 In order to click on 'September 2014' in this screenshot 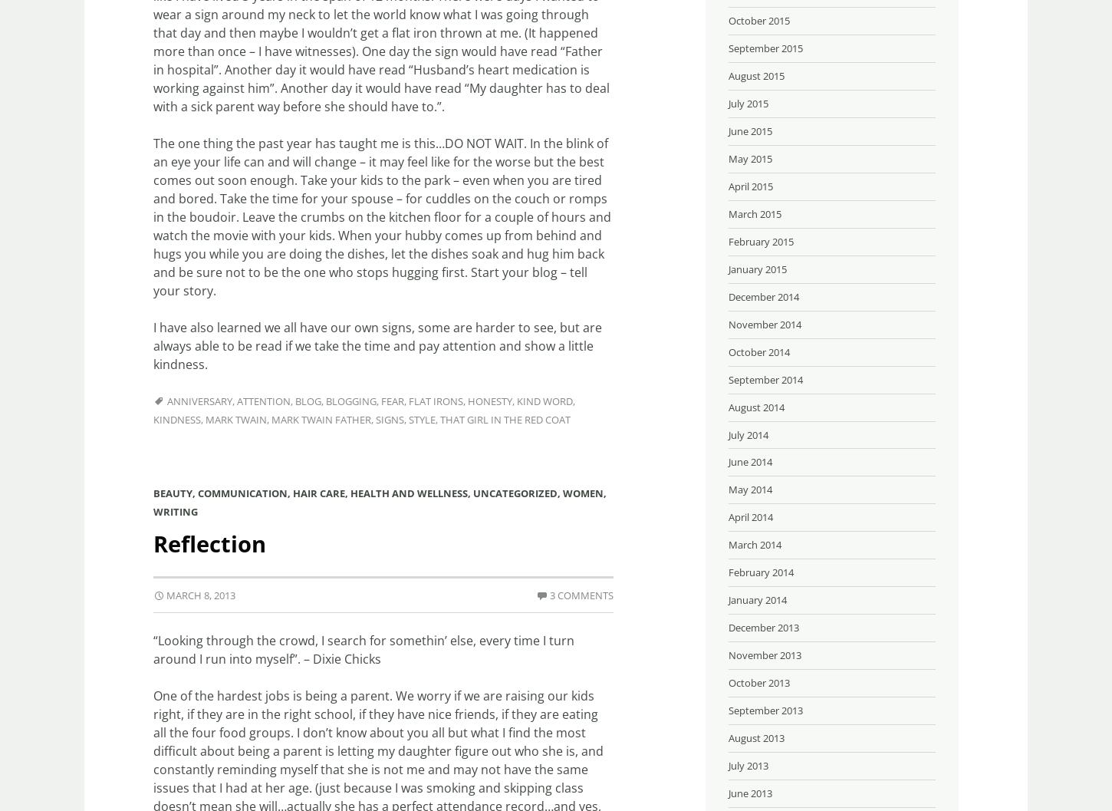, I will do `click(728, 379)`.